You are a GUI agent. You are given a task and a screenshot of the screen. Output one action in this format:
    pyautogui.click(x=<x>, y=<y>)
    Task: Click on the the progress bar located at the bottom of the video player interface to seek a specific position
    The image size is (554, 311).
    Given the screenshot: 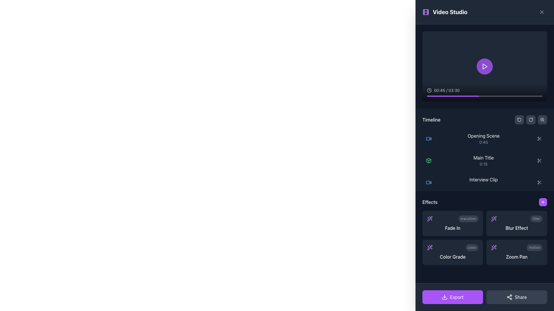 What is the action you would take?
    pyautogui.click(x=485, y=96)
    